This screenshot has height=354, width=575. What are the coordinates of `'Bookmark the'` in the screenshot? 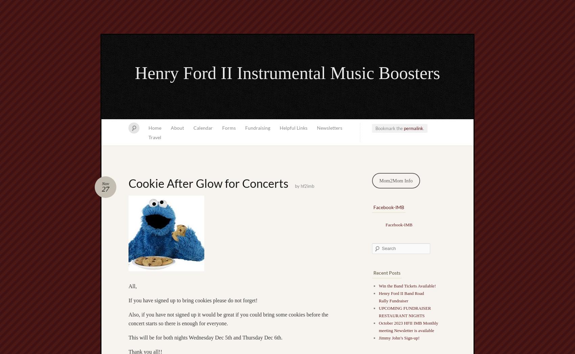 It's located at (375, 128).